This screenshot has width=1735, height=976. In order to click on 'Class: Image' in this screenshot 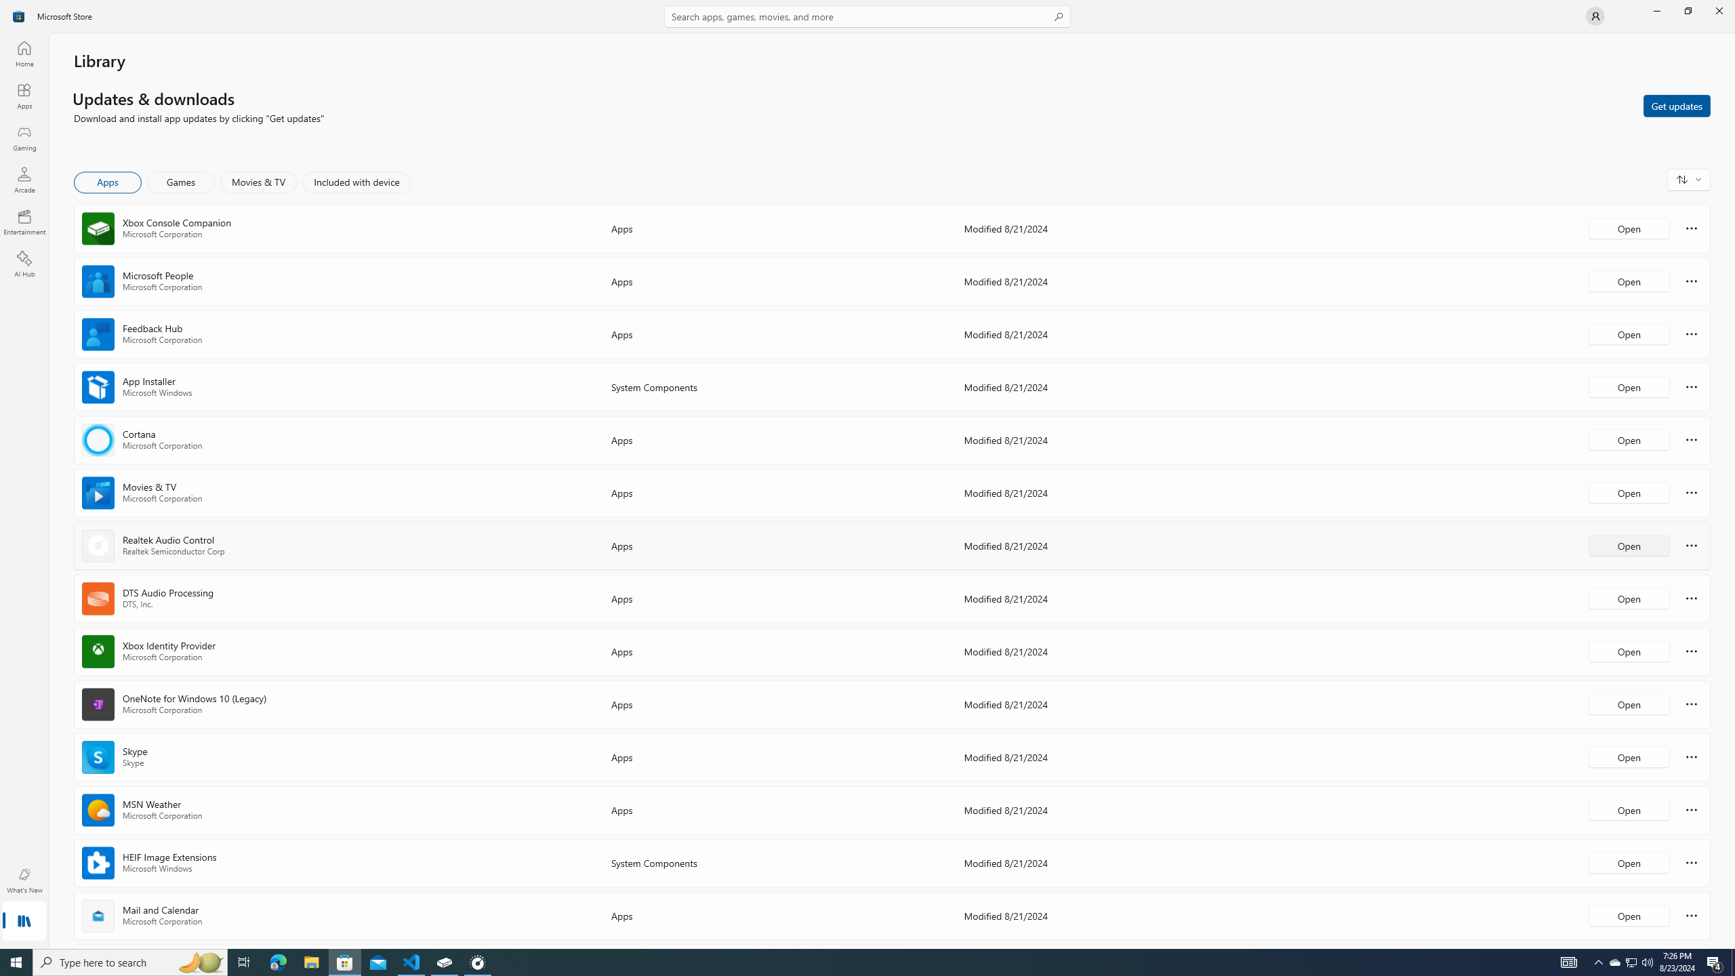, I will do `click(19, 15)`.